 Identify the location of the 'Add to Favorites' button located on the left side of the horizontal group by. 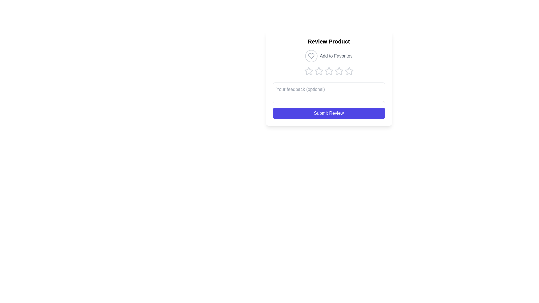
(311, 56).